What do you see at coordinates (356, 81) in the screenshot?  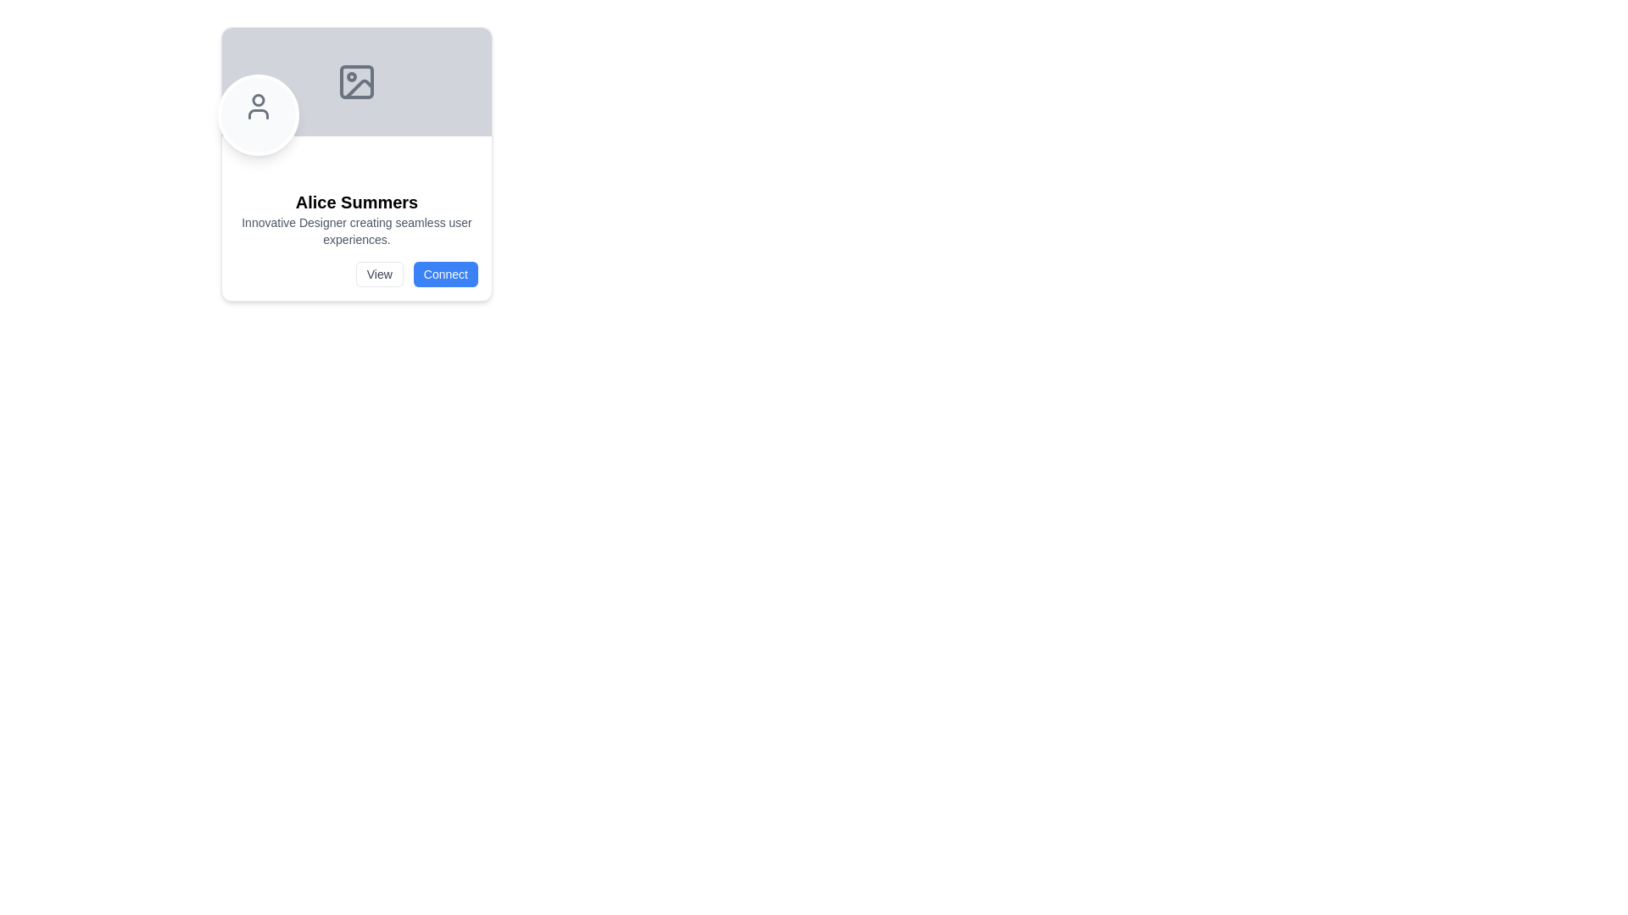 I see `the decorative graphic or layout placeholder located at the top-right section of the profile card, which visually represents an image placeholder` at bounding box center [356, 81].